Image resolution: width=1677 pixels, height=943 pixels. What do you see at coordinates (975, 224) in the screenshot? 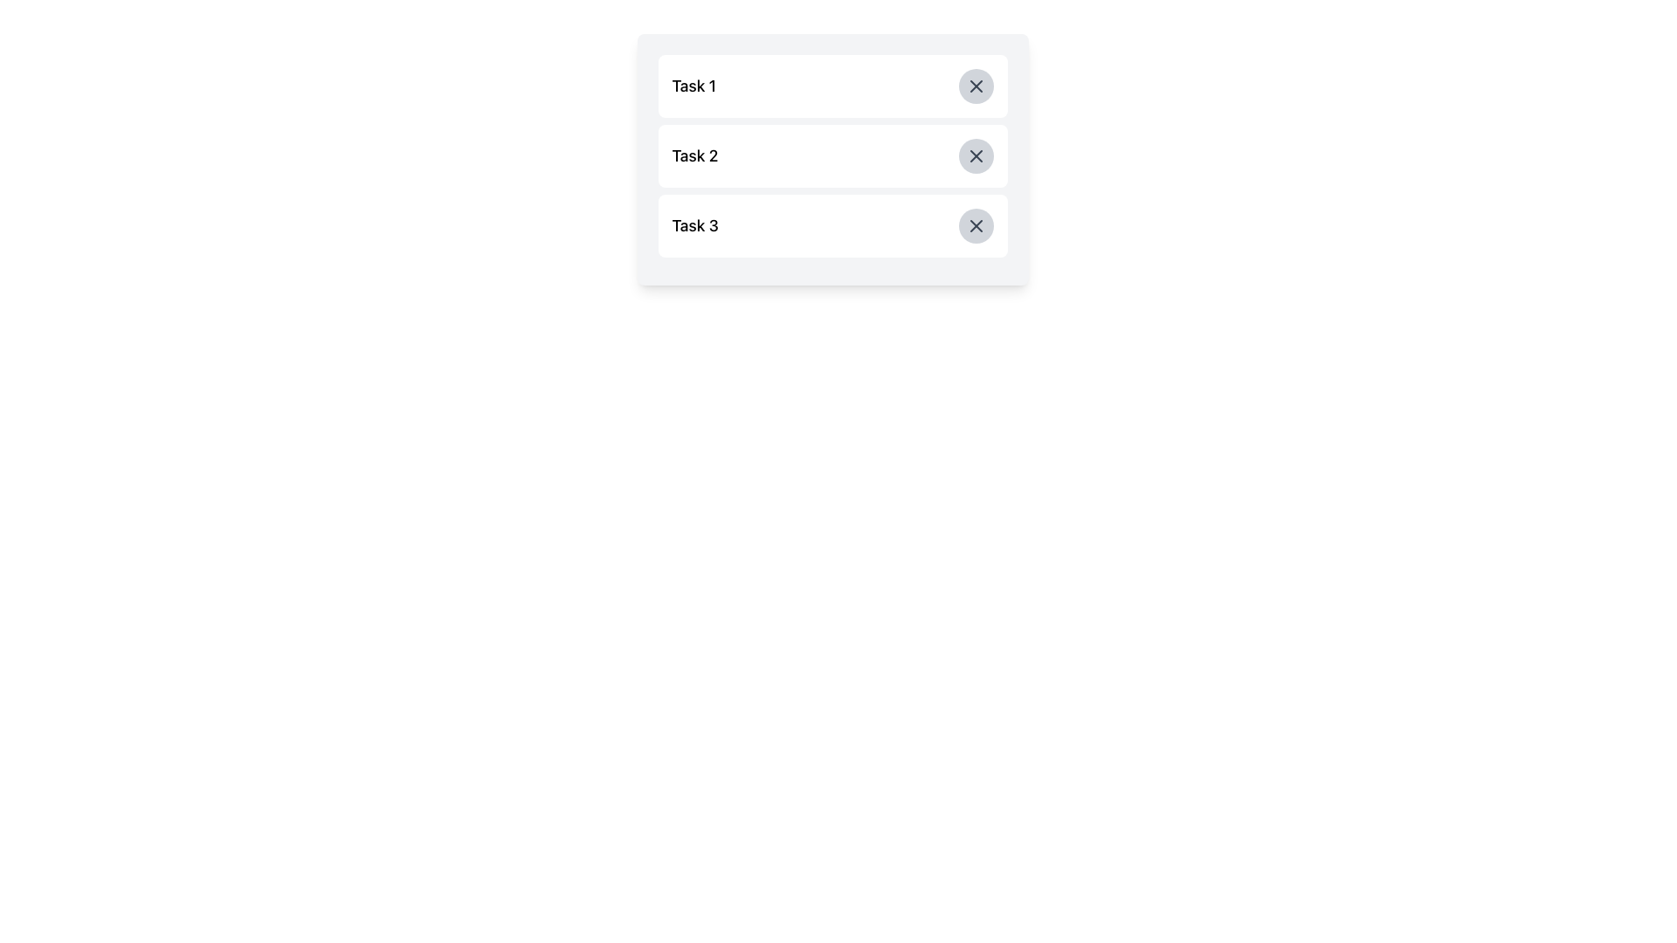
I see `the 'X' icon button` at bounding box center [975, 224].